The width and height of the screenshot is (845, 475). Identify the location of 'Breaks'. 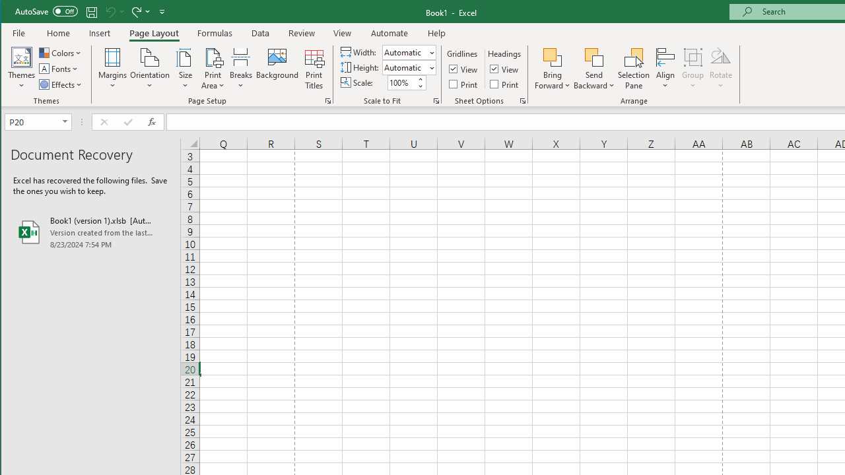
(241, 69).